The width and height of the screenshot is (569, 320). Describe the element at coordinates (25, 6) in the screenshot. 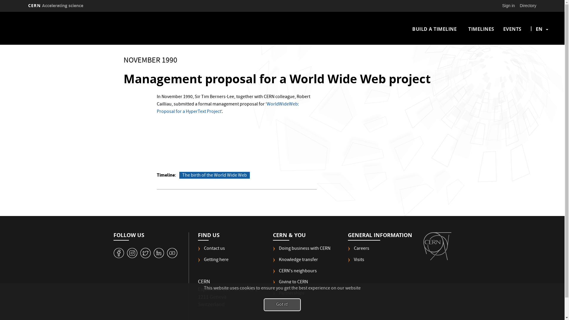

I see `'CERN Accelerating science'` at that location.